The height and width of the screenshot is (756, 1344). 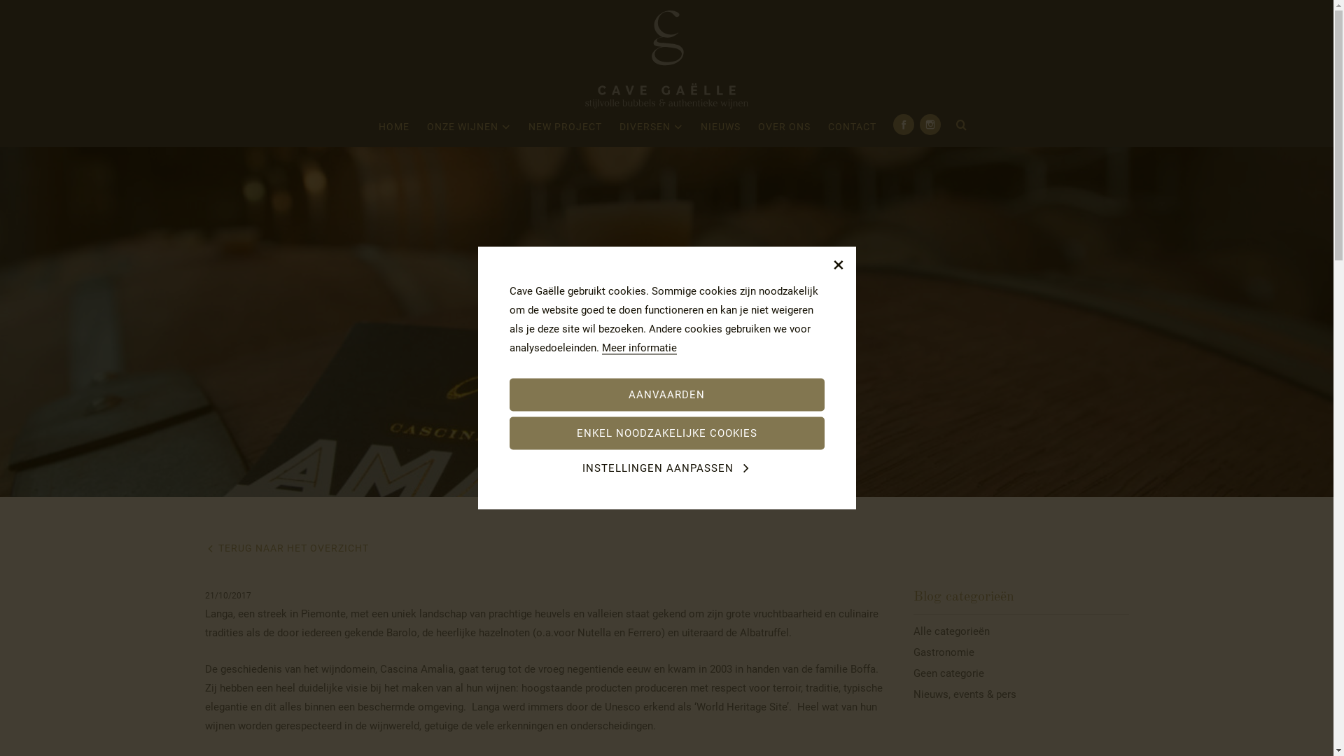 I want to click on 'TERUG NAAR HET OVERZICHT', so click(x=285, y=547).